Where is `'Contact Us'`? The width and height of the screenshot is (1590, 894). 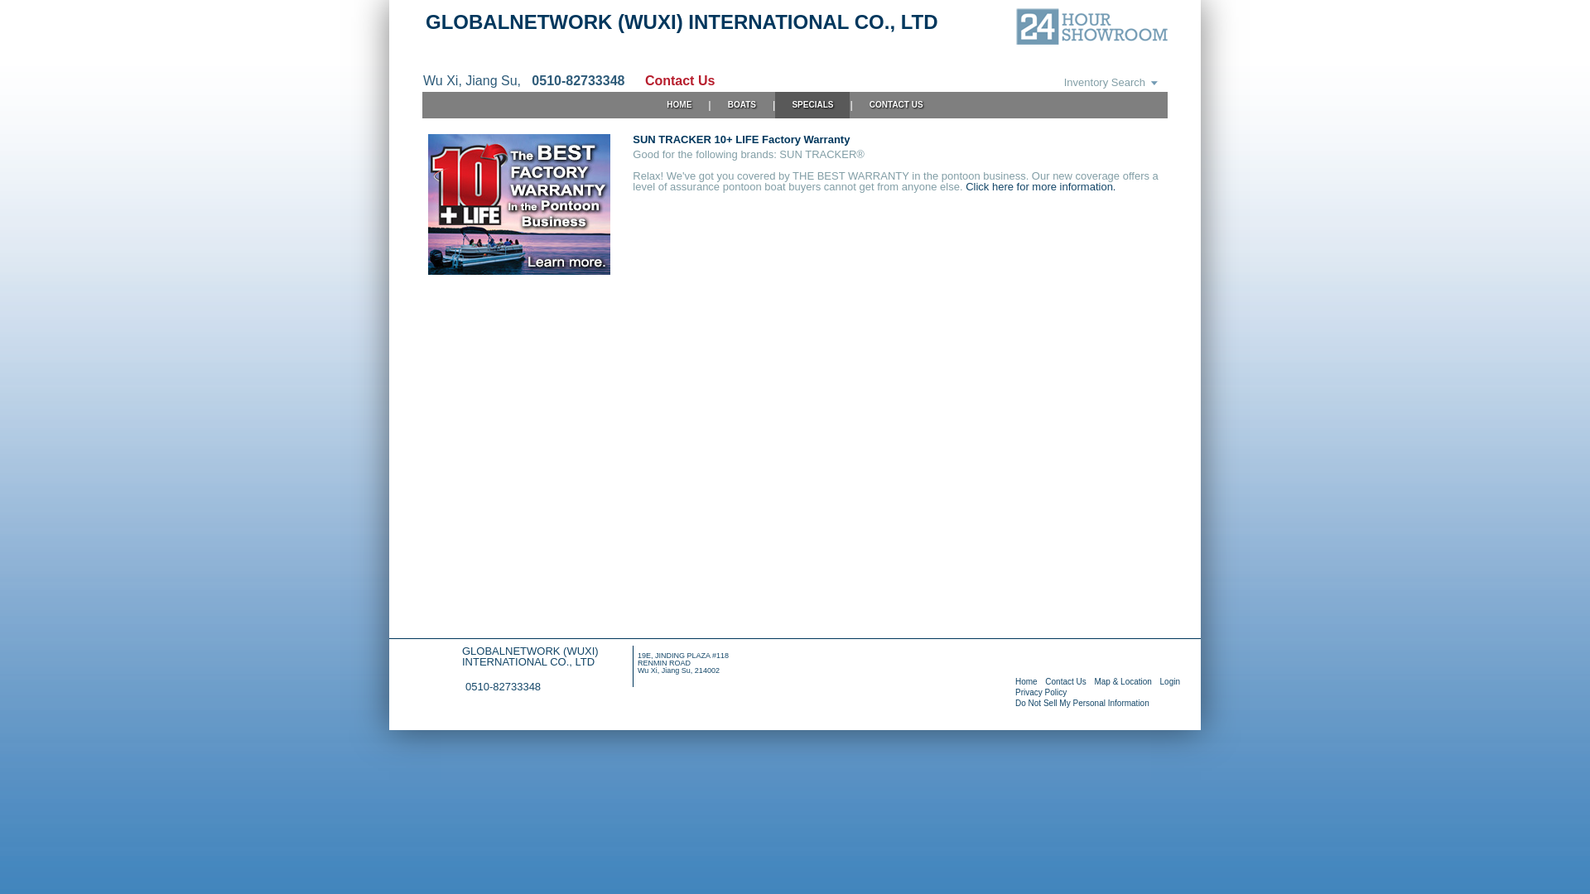 'Contact Us' is located at coordinates (1065, 681).